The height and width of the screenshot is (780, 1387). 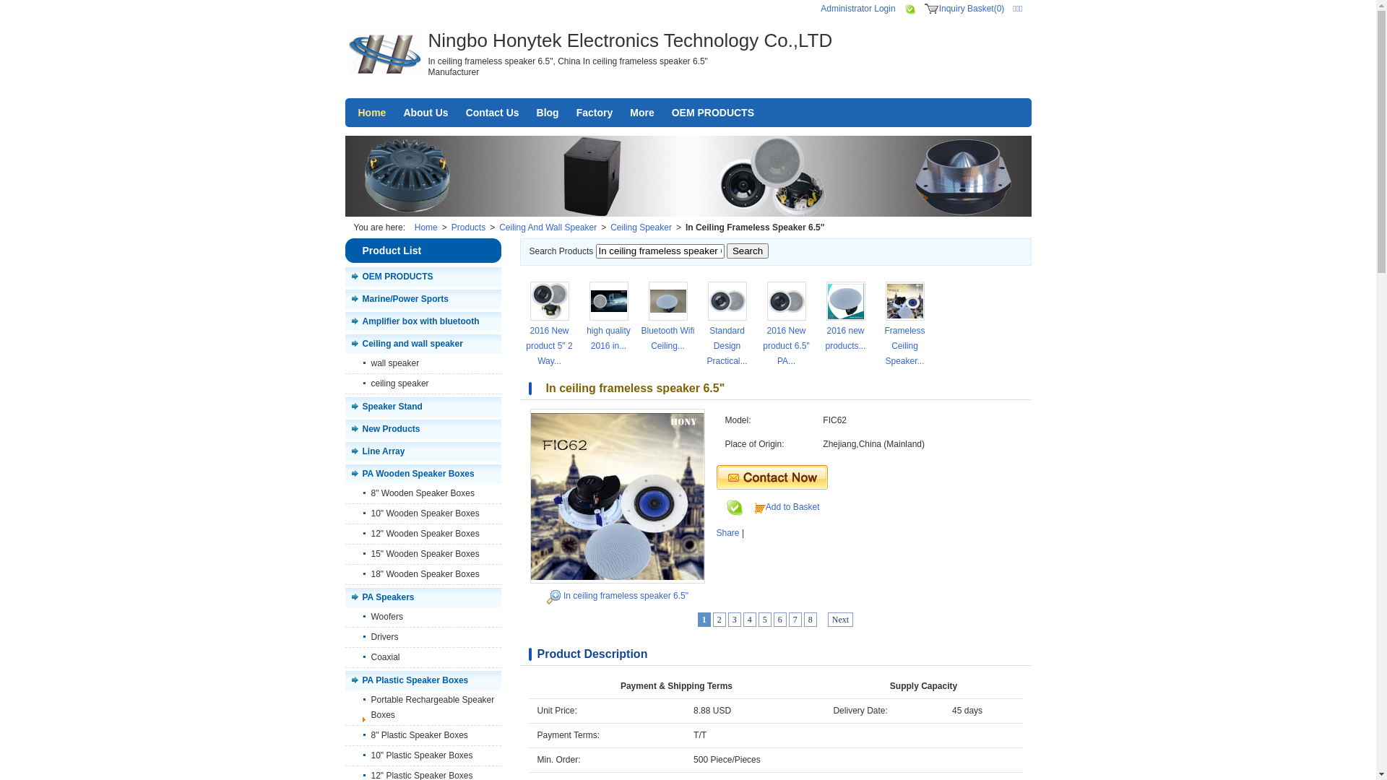 What do you see at coordinates (764, 618) in the screenshot?
I see `'5'` at bounding box center [764, 618].